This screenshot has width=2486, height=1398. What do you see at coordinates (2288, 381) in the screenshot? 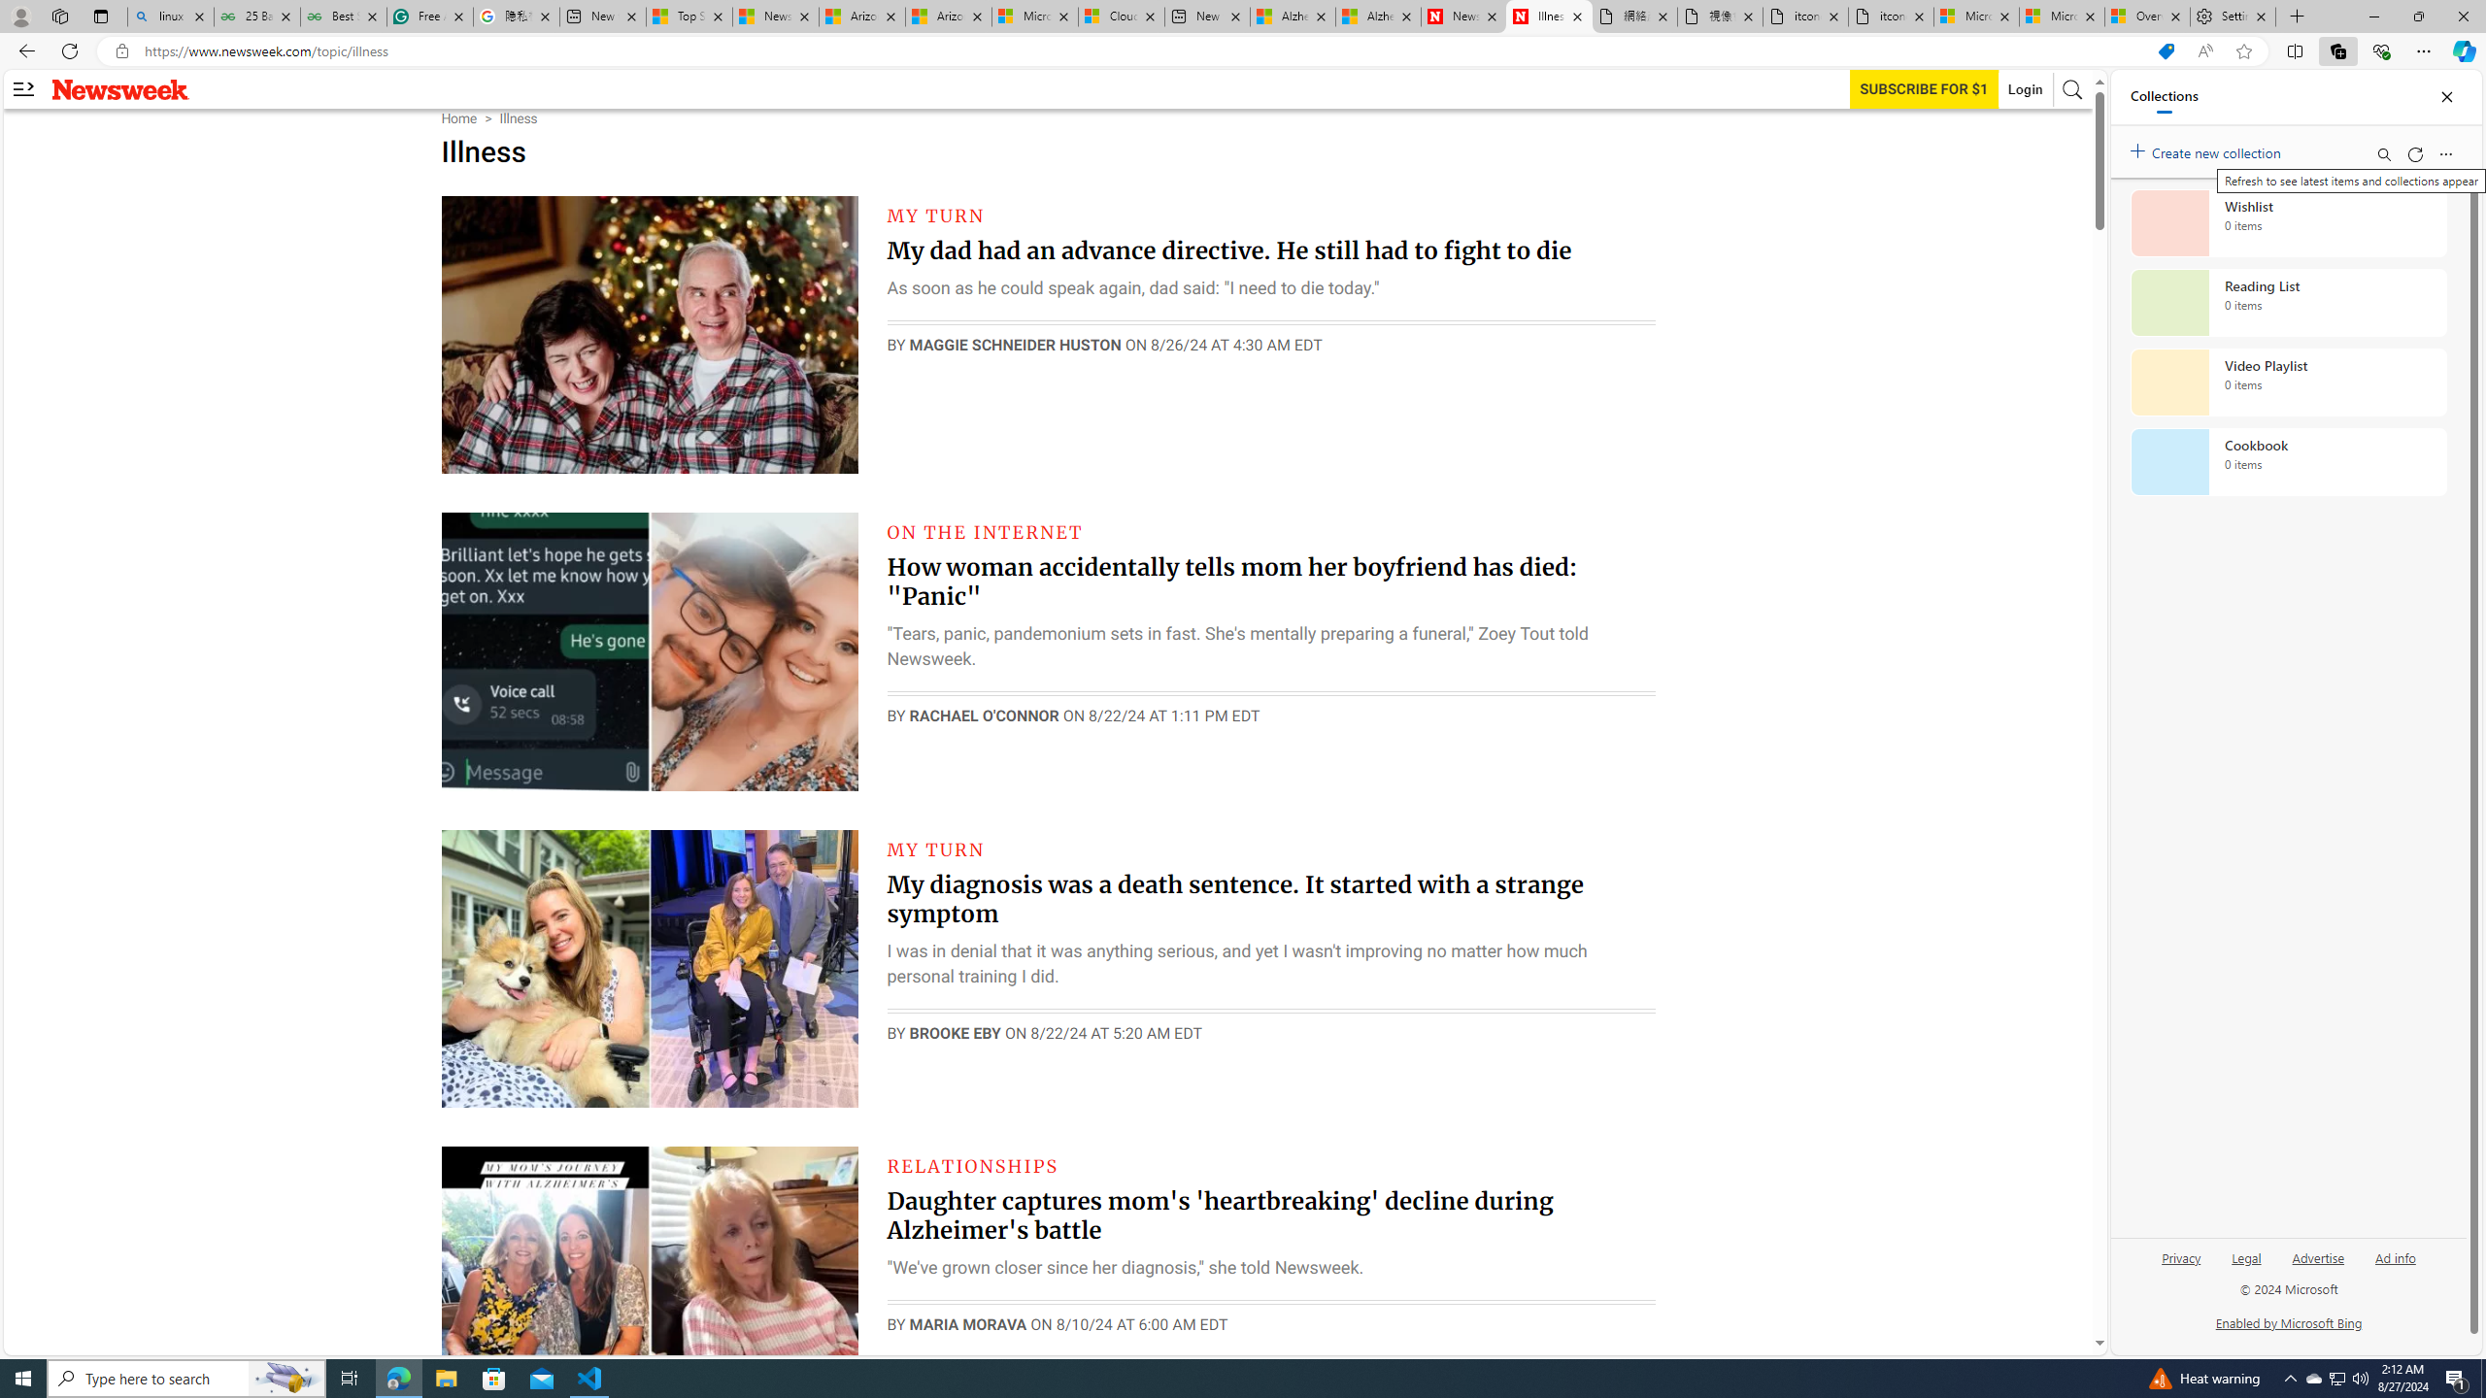
I see `'Video Playlist collection, 0 items'` at bounding box center [2288, 381].